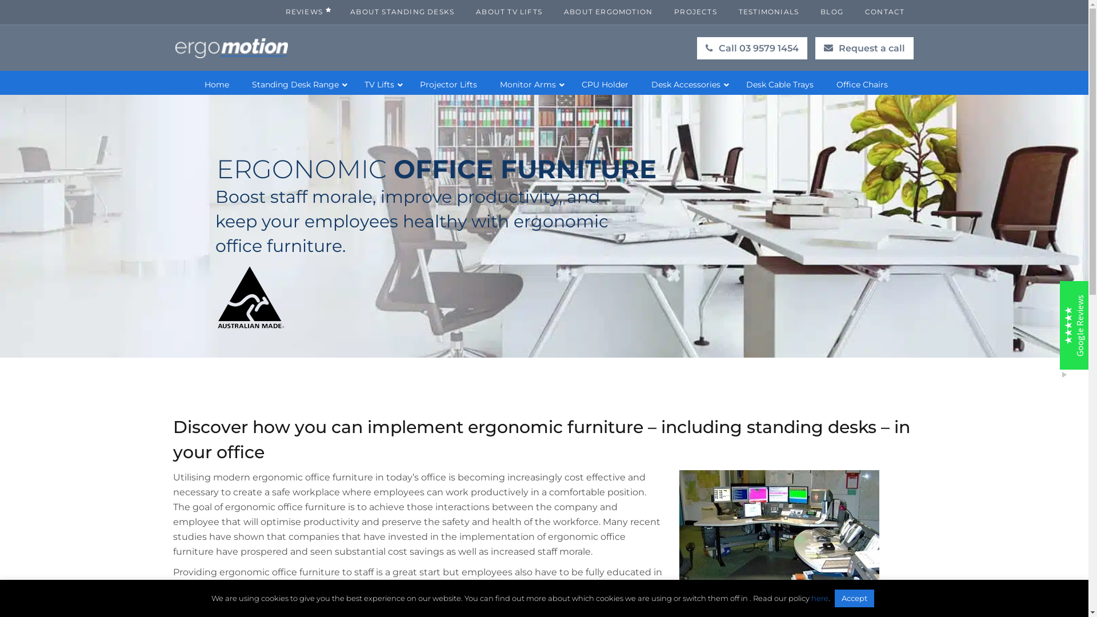 The image size is (1097, 617). What do you see at coordinates (488, 83) in the screenshot?
I see `'Monitor Arms'` at bounding box center [488, 83].